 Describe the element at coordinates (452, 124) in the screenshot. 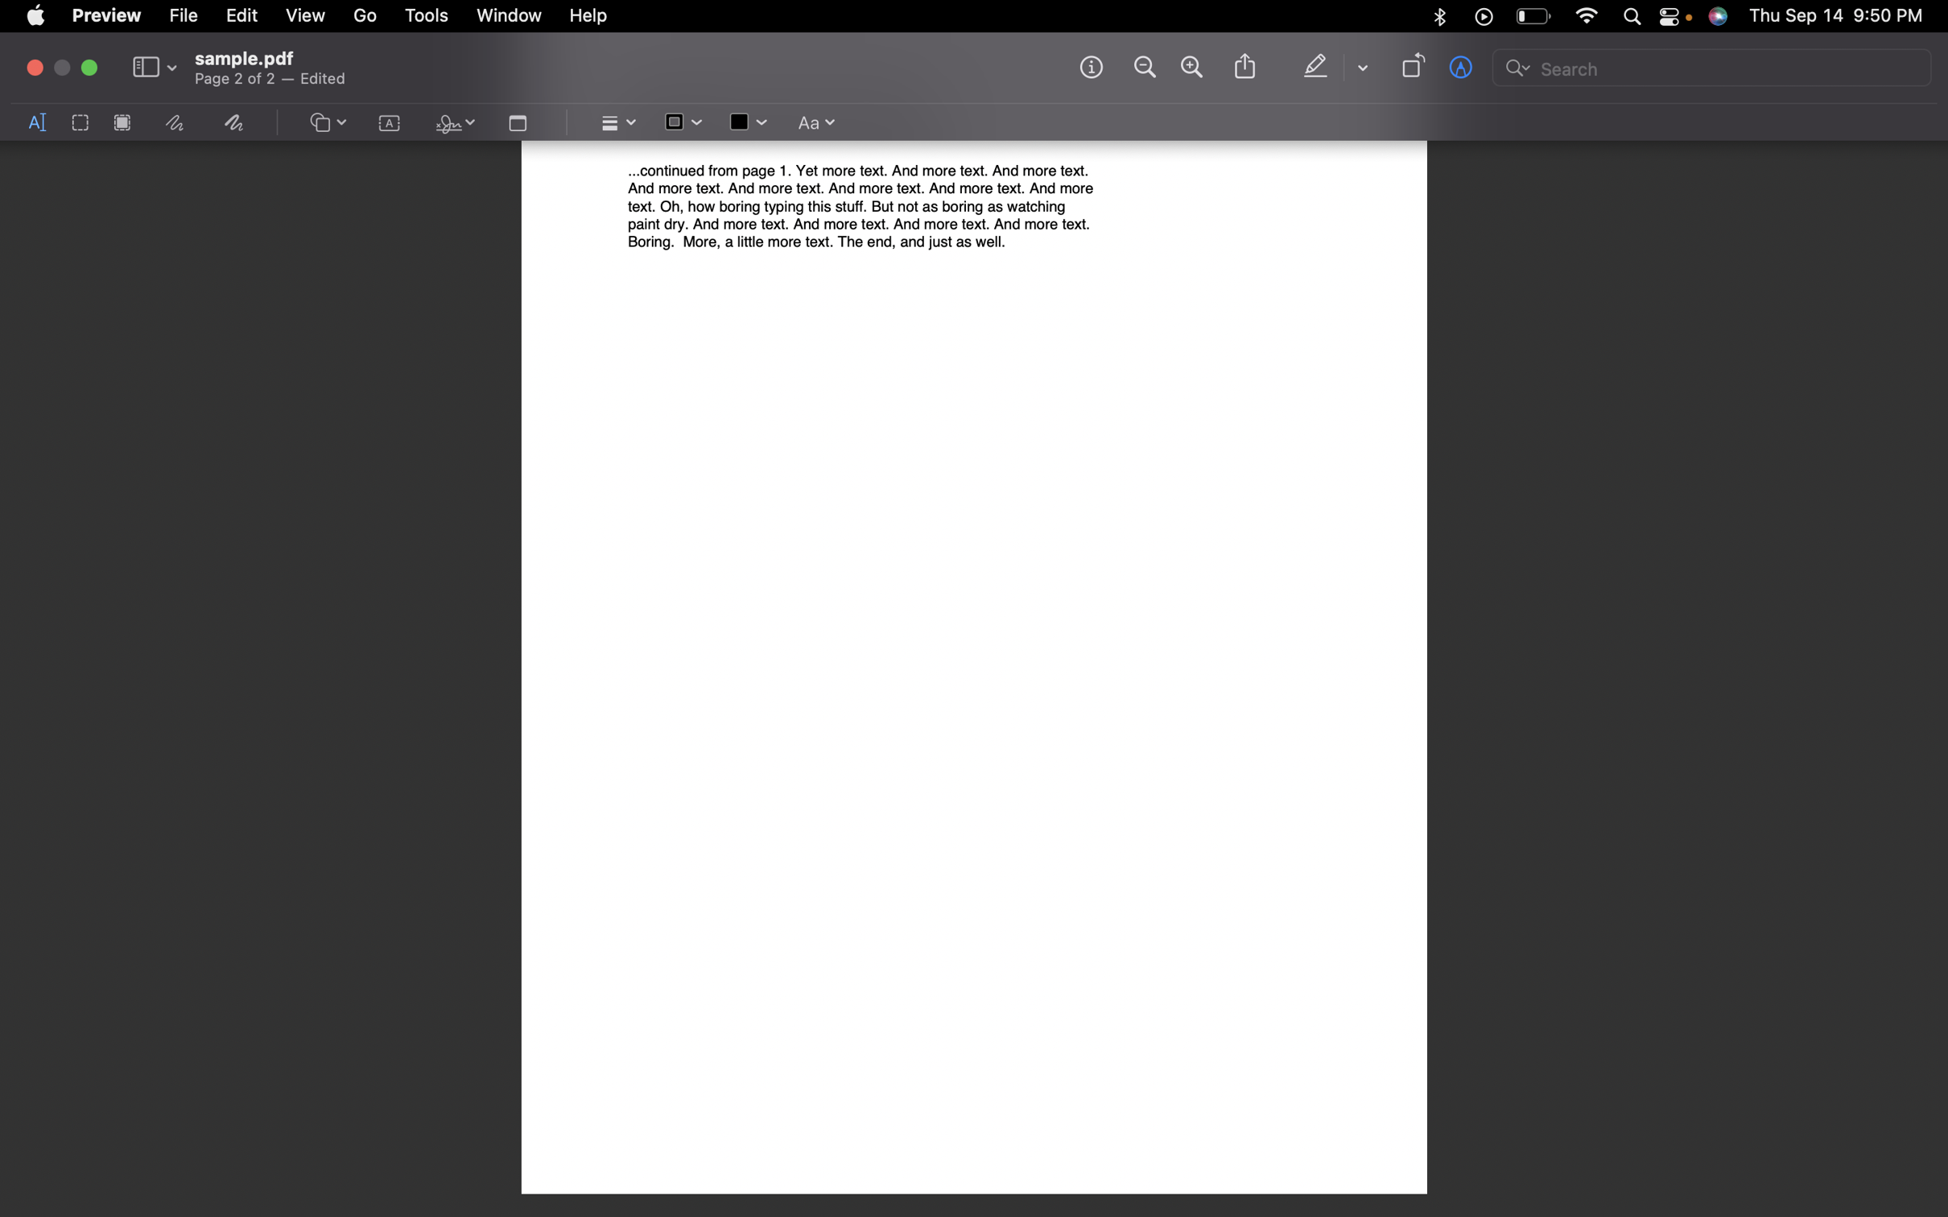

I see `your sign in the document` at that location.